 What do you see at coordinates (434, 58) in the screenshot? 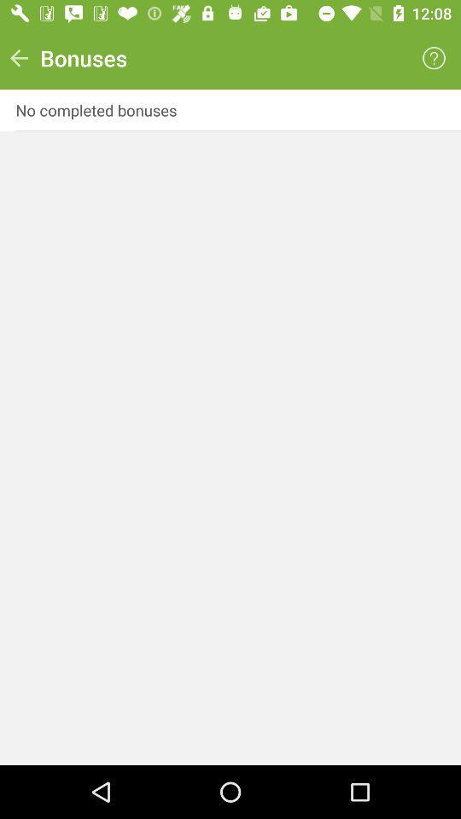
I see `the item to the right of bonuses item` at bounding box center [434, 58].